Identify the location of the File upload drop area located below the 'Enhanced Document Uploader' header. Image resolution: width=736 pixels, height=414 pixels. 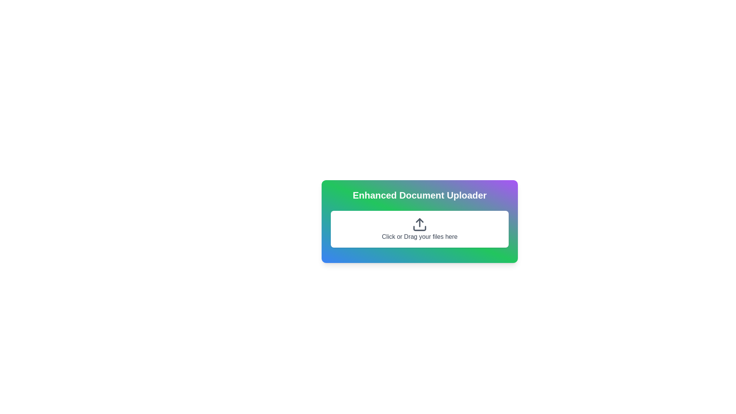
(419, 228).